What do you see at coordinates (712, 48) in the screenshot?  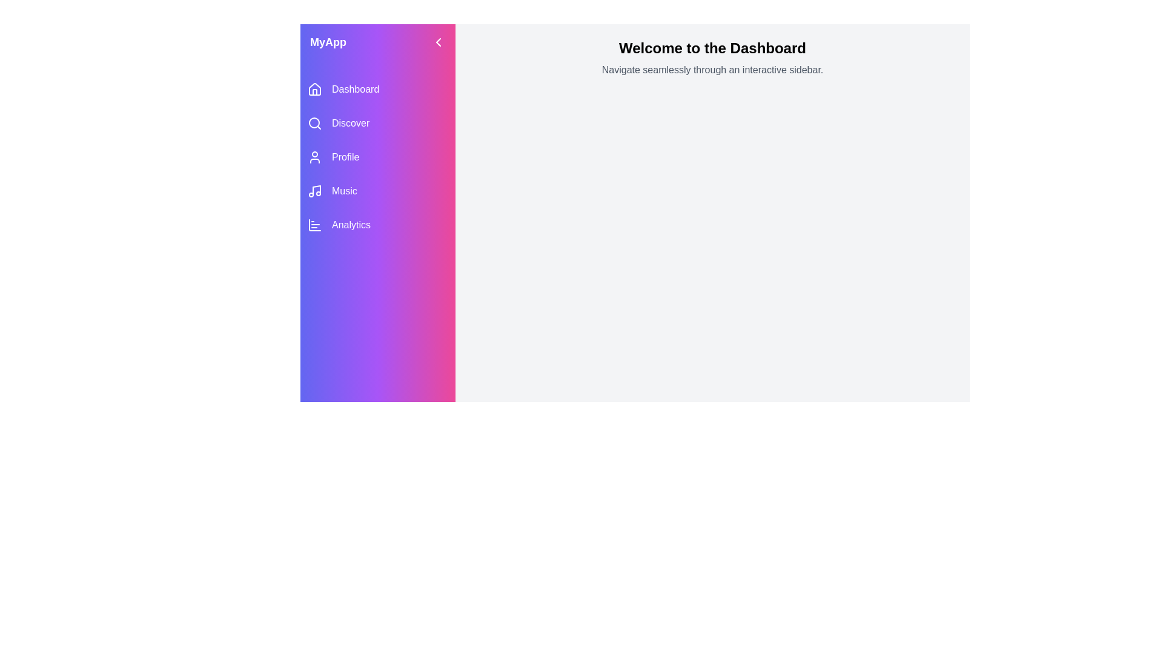 I see `the welcoming message in the main content area` at bounding box center [712, 48].